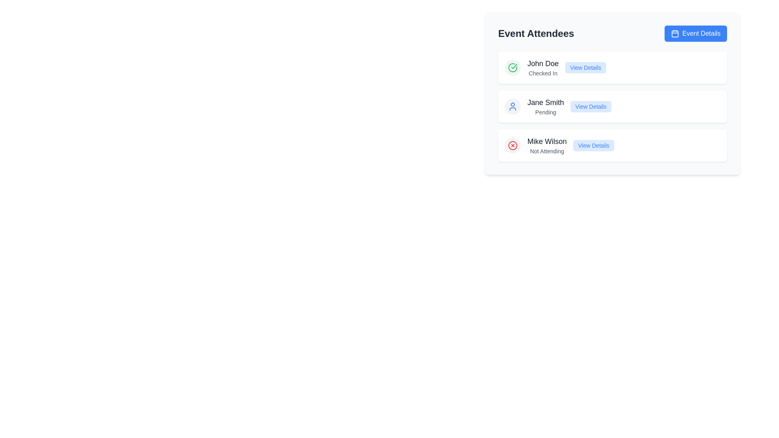 The height and width of the screenshot is (438, 779). What do you see at coordinates (675, 33) in the screenshot?
I see `the calendar icon located within the 'Event Details' button on the top-right corner of the 'Event Attendees' card` at bounding box center [675, 33].